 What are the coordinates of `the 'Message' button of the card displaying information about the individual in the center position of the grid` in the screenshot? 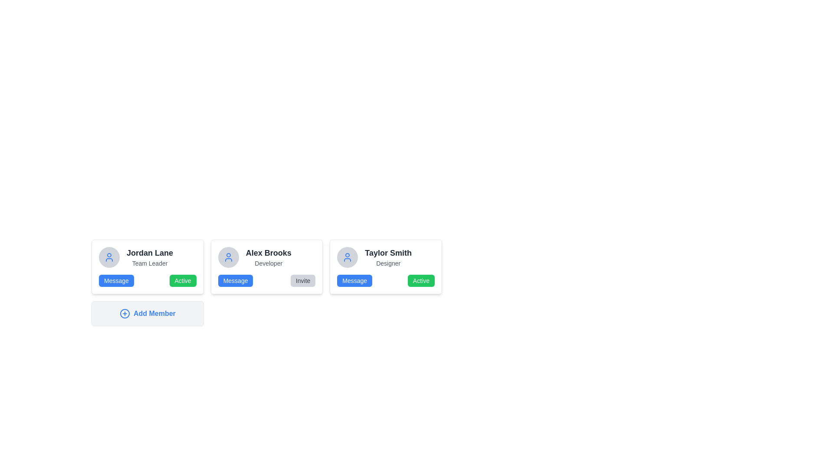 It's located at (266, 266).